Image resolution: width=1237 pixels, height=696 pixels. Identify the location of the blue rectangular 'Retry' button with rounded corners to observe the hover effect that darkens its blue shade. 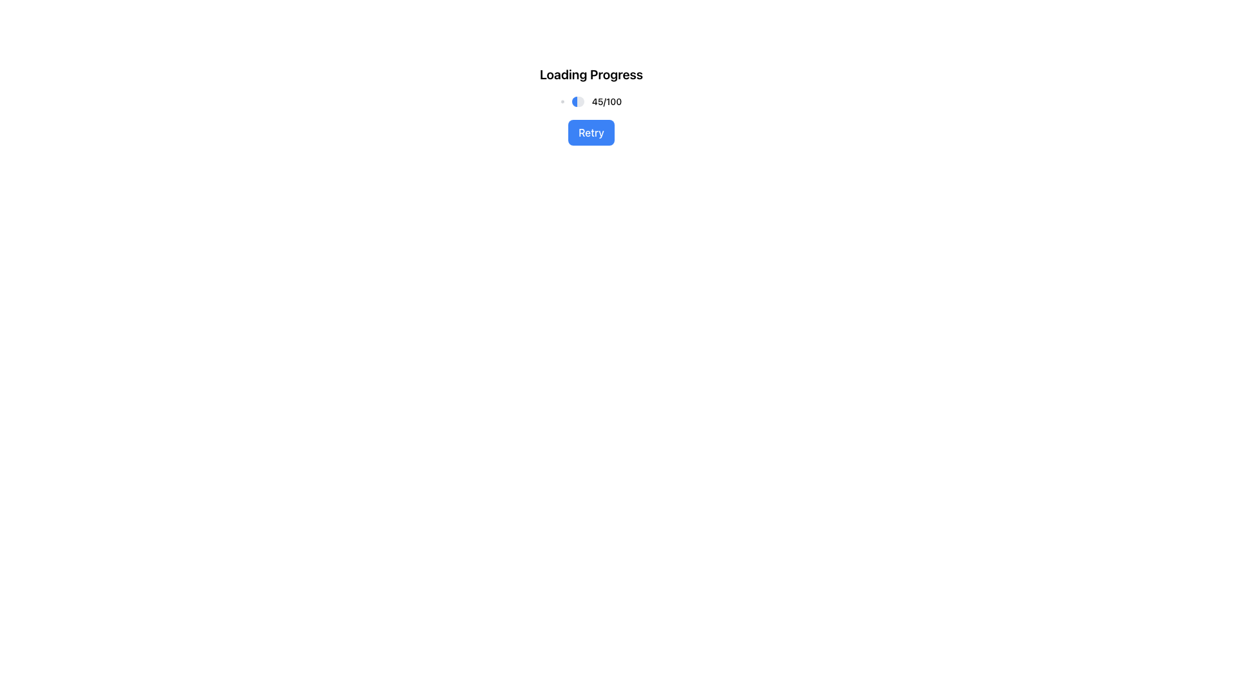
(590, 132).